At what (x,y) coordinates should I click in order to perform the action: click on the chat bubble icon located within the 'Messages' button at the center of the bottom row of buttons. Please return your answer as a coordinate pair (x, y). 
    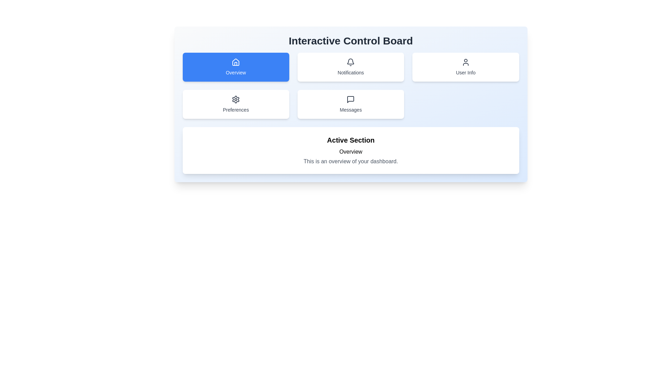
    Looking at the image, I should click on (351, 100).